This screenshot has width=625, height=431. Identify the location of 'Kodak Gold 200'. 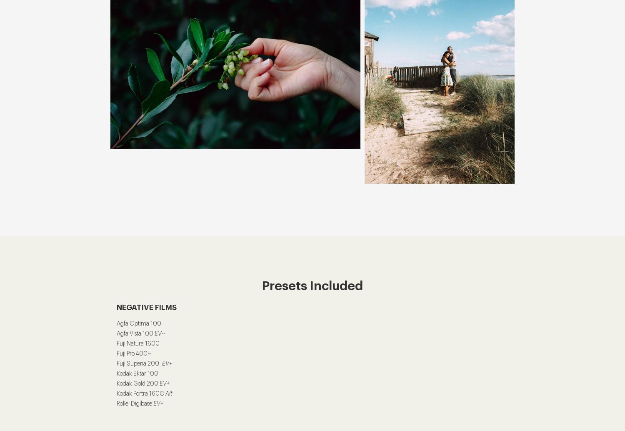
(117, 383).